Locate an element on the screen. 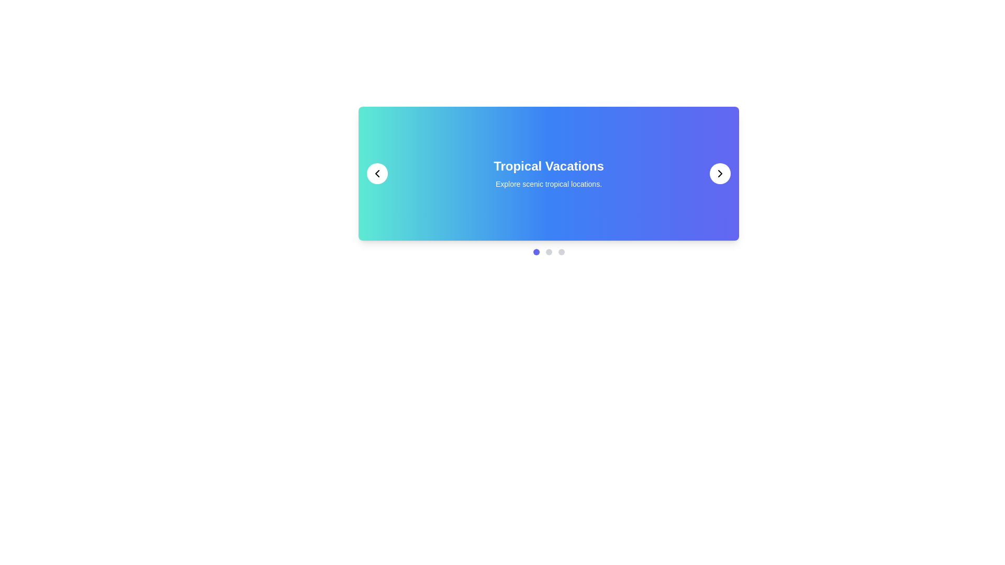 The width and height of the screenshot is (1005, 565). the second dot of the carousel indicator is located at coordinates (548, 252).